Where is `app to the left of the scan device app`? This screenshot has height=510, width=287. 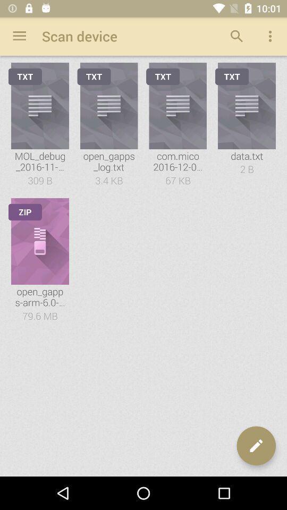 app to the left of the scan device app is located at coordinates (19, 36).